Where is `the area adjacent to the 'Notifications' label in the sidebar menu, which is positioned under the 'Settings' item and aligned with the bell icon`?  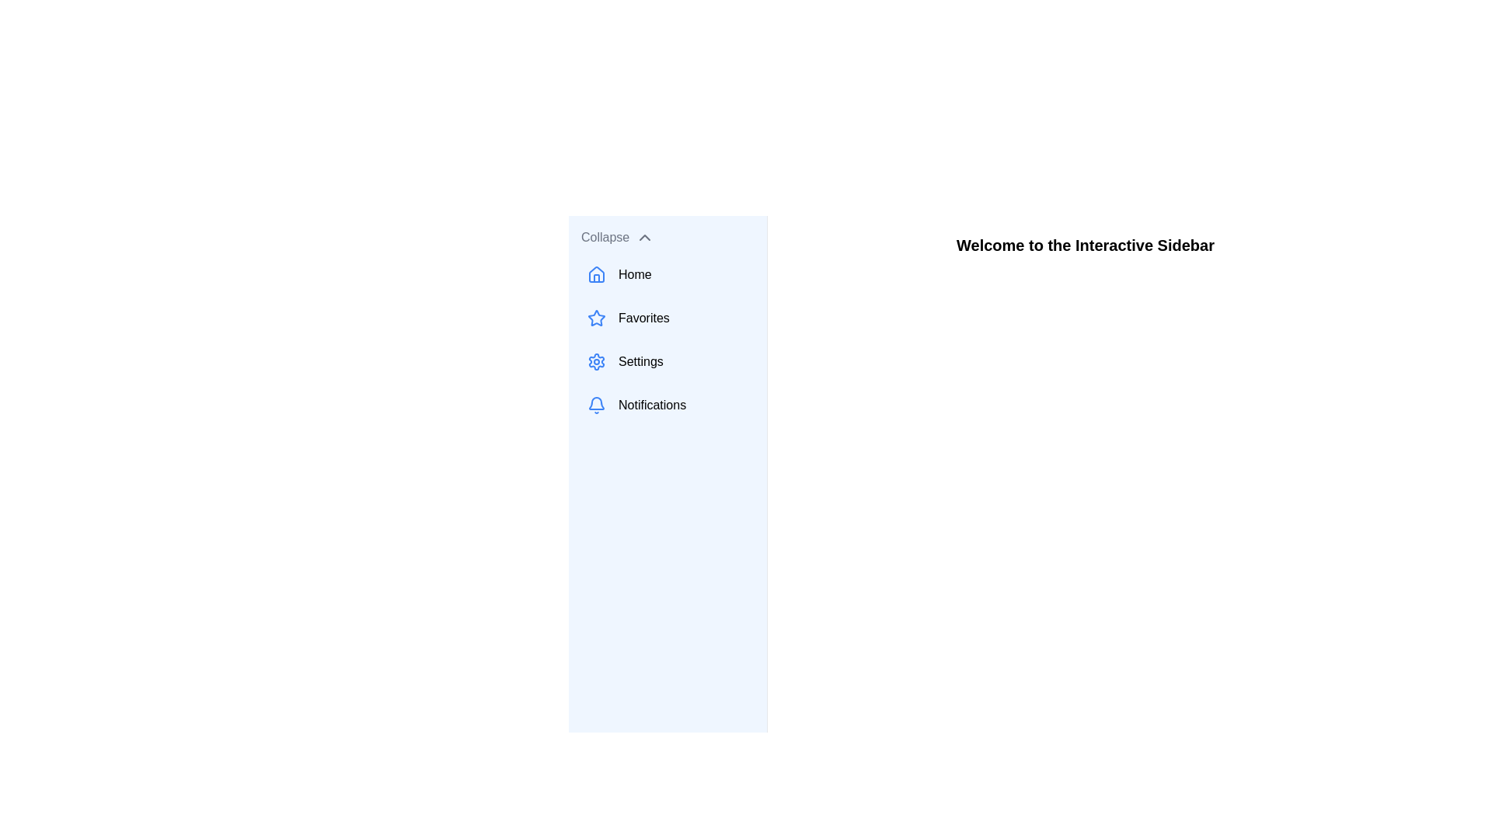
the area adjacent to the 'Notifications' label in the sidebar menu, which is positioned under the 'Settings' item and aligned with the bell icon is located at coordinates (652, 404).